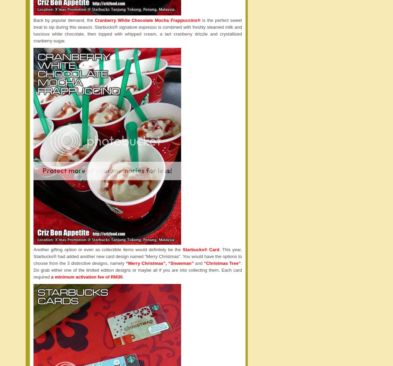  What do you see at coordinates (198, 263) in the screenshot?
I see `'and'` at bounding box center [198, 263].